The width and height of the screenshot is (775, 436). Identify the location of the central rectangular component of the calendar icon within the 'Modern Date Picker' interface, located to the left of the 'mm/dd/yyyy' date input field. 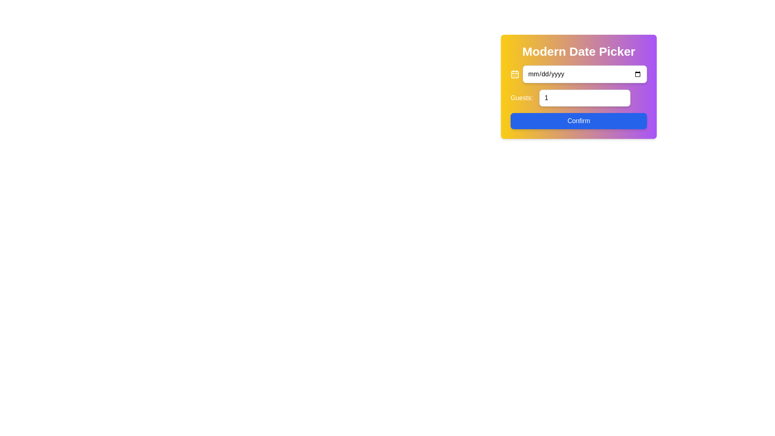
(514, 74).